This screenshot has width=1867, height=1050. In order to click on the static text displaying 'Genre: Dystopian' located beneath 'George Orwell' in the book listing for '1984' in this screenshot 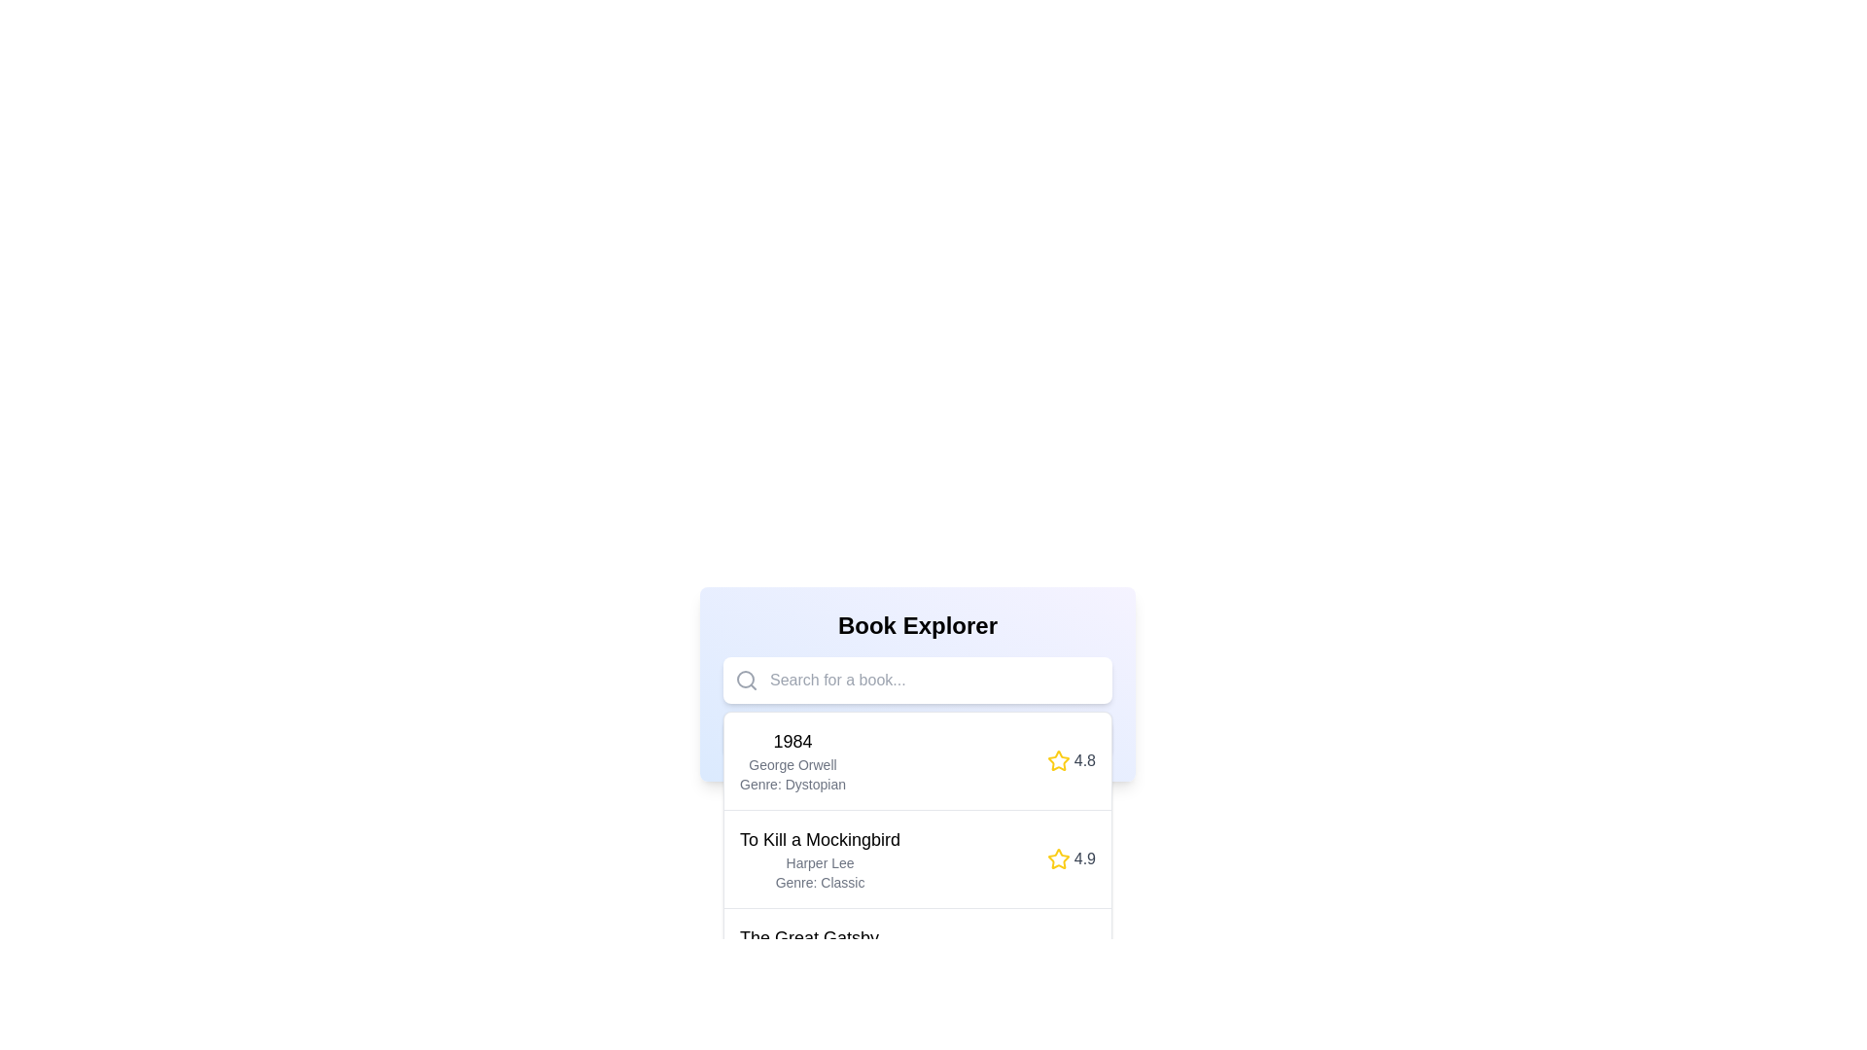, I will do `click(793, 783)`.